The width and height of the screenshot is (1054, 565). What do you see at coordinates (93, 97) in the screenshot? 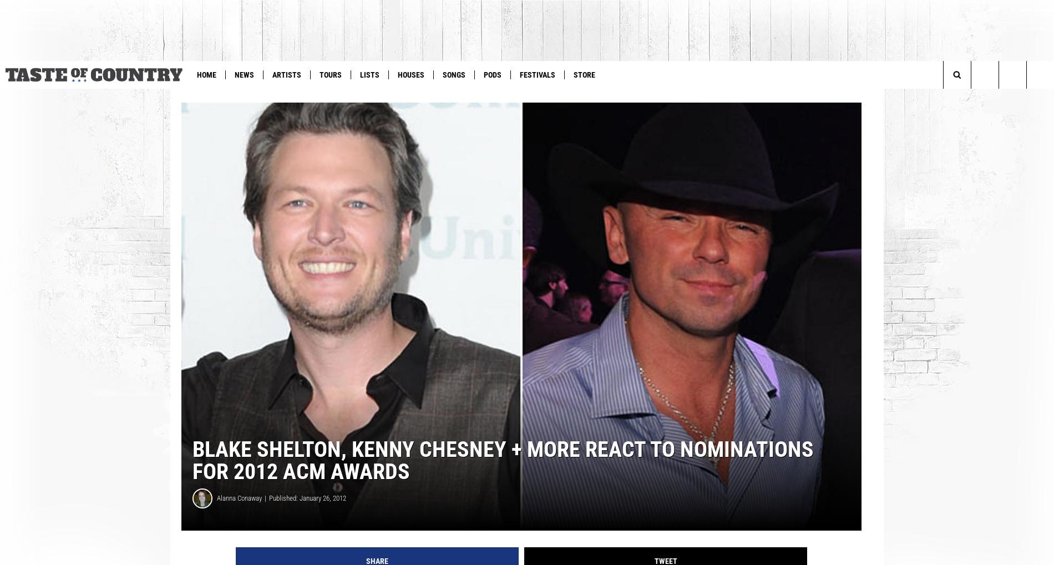
I see `'2024 Grammy Nominees'` at bounding box center [93, 97].